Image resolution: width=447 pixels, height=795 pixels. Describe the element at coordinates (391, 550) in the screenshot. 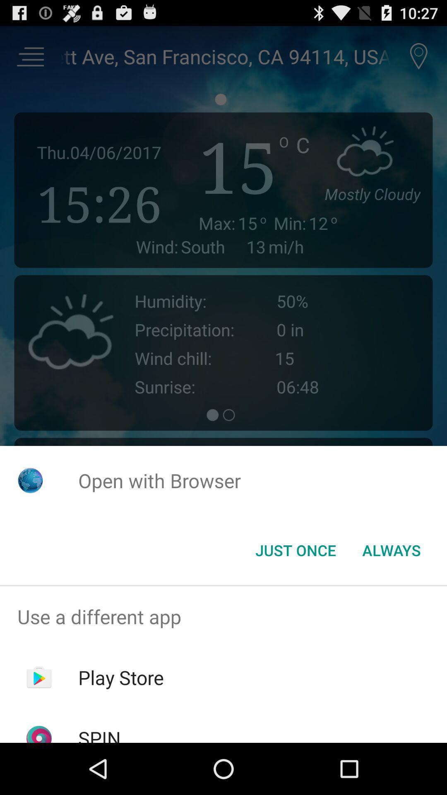

I see `always icon` at that location.